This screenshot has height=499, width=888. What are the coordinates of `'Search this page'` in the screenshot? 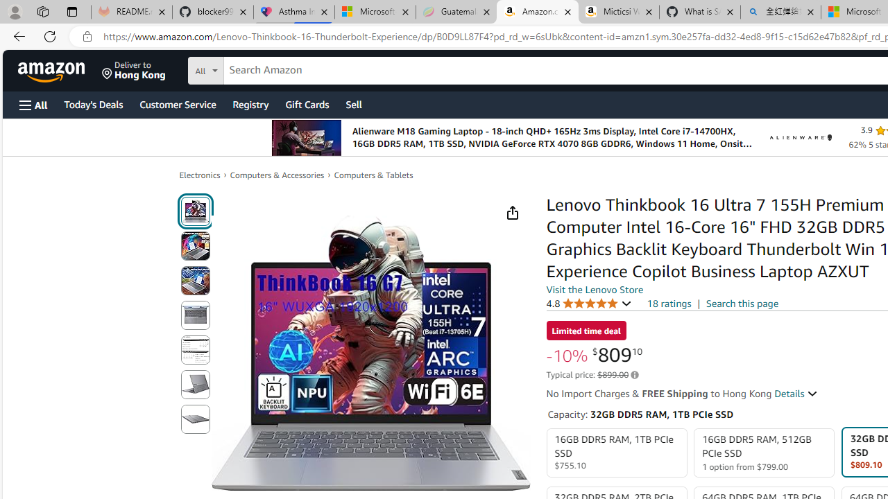 It's located at (742, 302).